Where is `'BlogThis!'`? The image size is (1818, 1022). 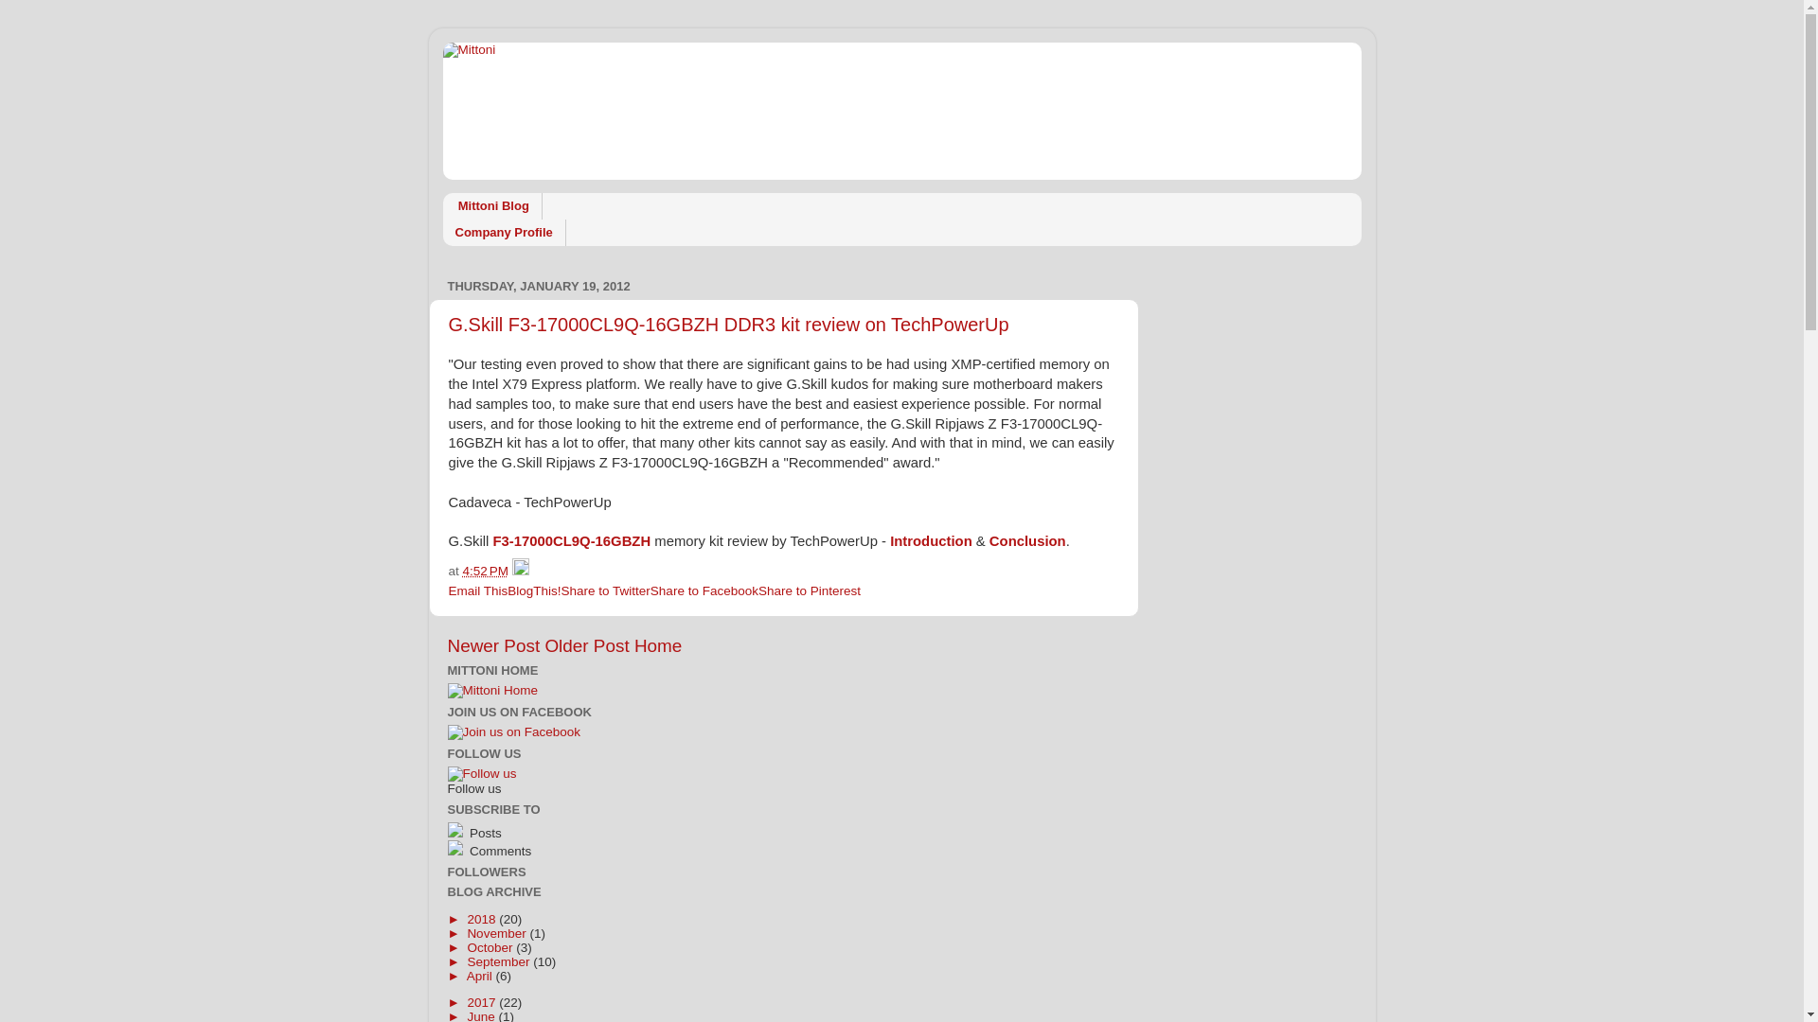 'BlogThis!' is located at coordinates (533, 590).